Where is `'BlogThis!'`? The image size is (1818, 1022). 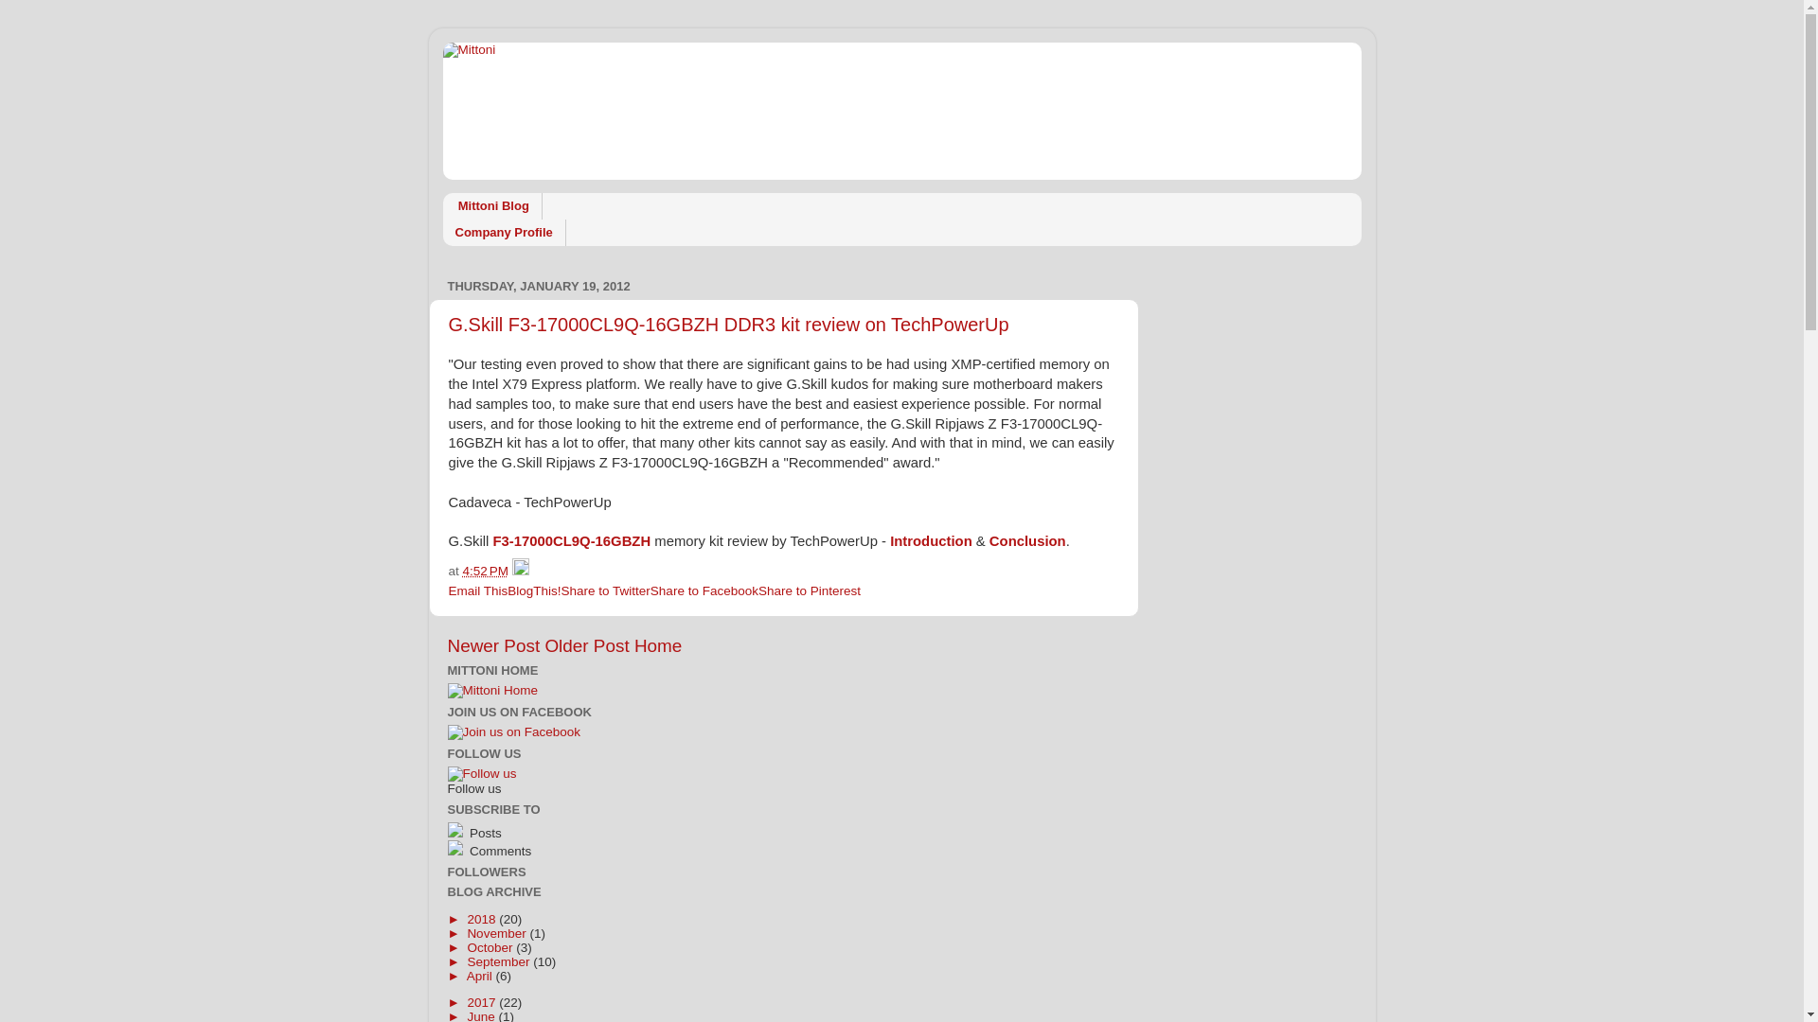 'BlogThis!' is located at coordinates (533, 590).